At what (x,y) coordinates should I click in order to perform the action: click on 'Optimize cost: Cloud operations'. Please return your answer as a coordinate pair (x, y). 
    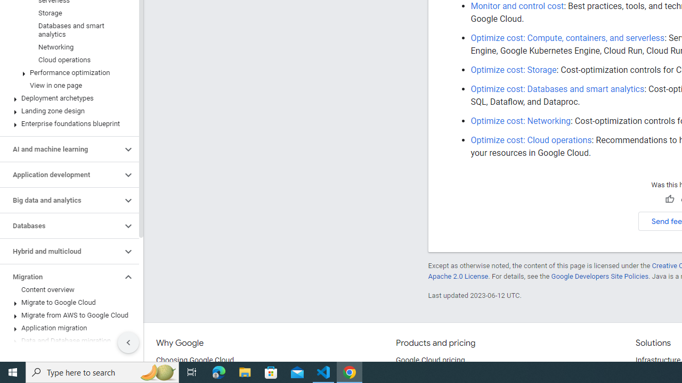
    Looking at the image, I should click on (531, 139).